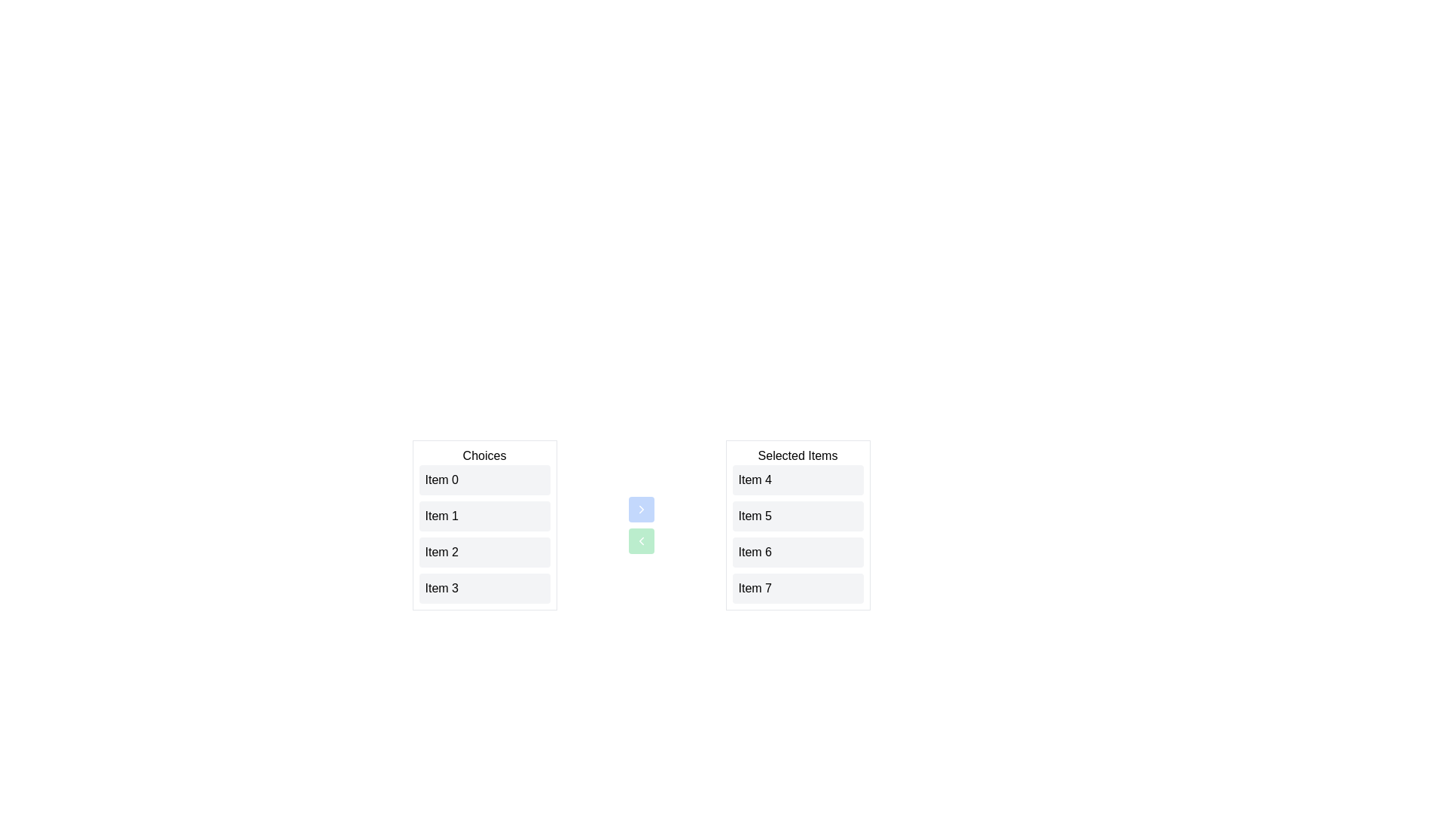  I want to click on the blue button with a right arrow icon, which is part of an interactive group centered between the 'Choices' and 'Selected Items' sections, so click(641, 525).